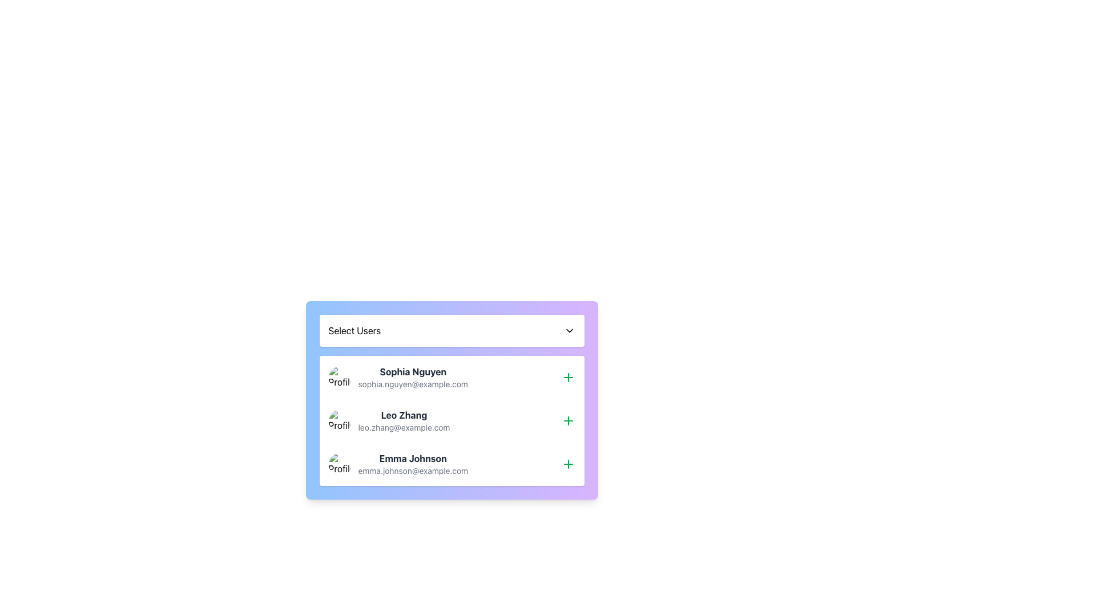 This screenshot has width=1096, height=616. I want to click on text displayed in the second item of the user selection panel, which contains the name and email of a user, positioned below Sophia Nguyen and above Emma Johnson, so click(404, 420).